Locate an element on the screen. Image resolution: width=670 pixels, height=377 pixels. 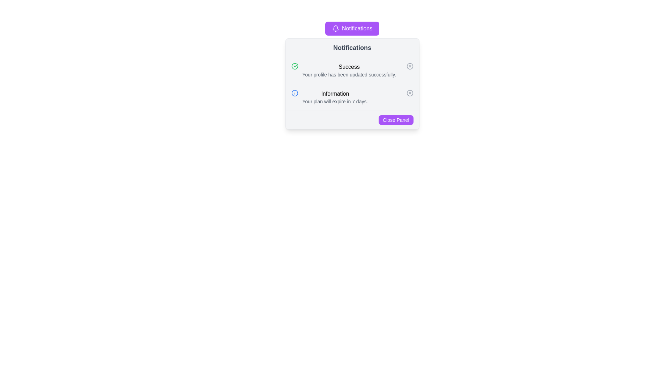
the green circular icon with a checkmark inside, located to the left of the 'SuccessYour profile has been updated successfully.' text in the notification panel, for visual confirmation of success is located at coordinates (295, 66).